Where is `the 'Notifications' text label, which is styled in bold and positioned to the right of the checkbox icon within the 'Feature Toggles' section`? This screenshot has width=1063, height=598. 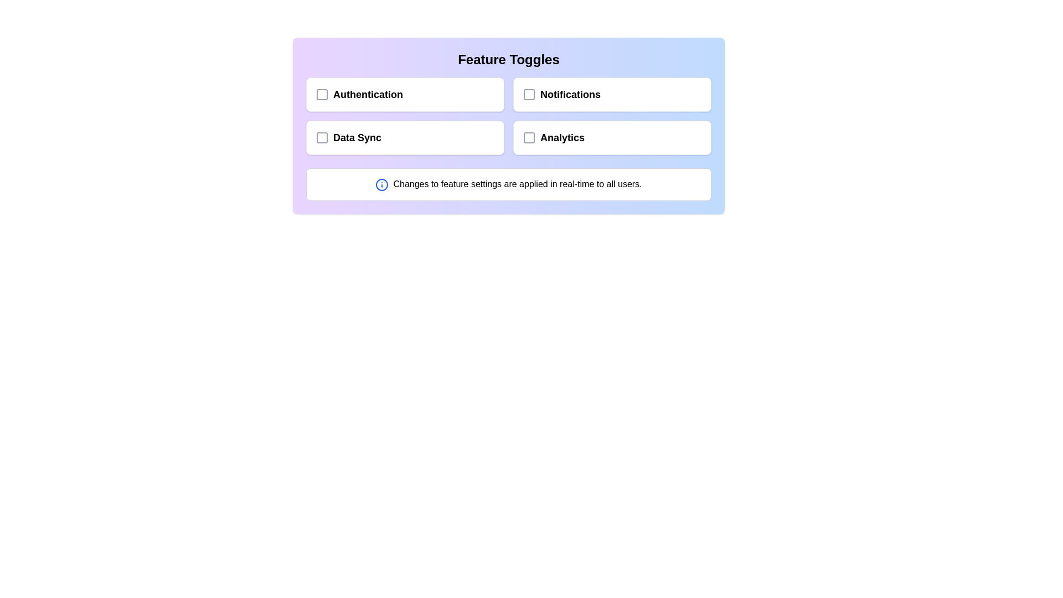
the 'Notifications' text label, which is styled in bold and positioned to the right of the checkbox icon within the 'Feature Toggles' section is located at coordinates (561, 94).